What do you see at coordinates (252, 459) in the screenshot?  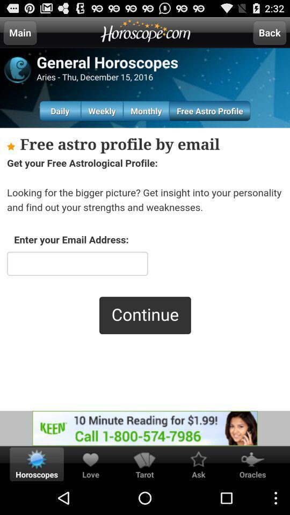 I see `the icon which is above the text oracles` at bounding box center [252, 459].